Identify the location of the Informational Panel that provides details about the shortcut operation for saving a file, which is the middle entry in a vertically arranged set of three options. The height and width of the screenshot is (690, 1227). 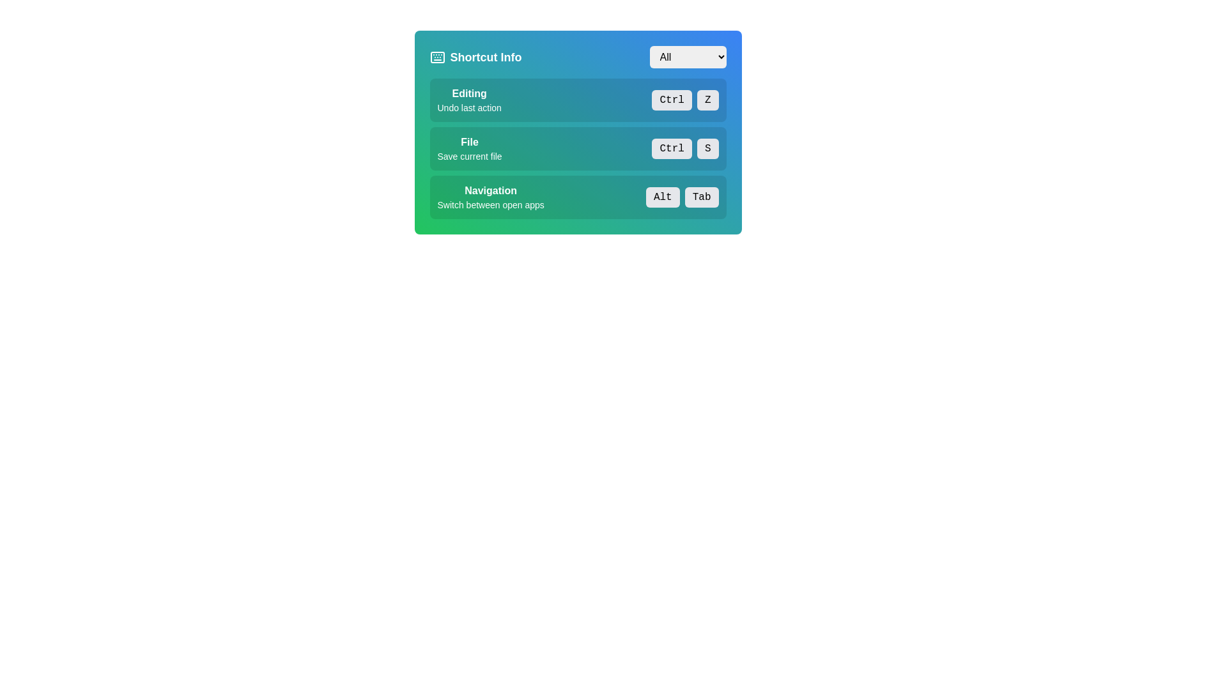
(577, 132).